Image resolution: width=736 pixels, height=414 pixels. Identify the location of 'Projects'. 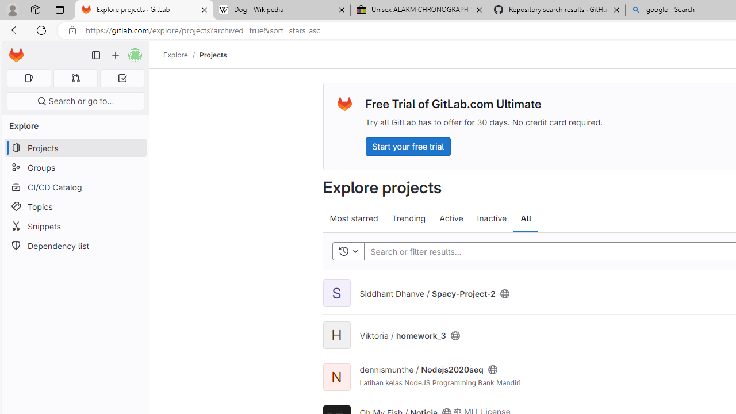
(213, 55).